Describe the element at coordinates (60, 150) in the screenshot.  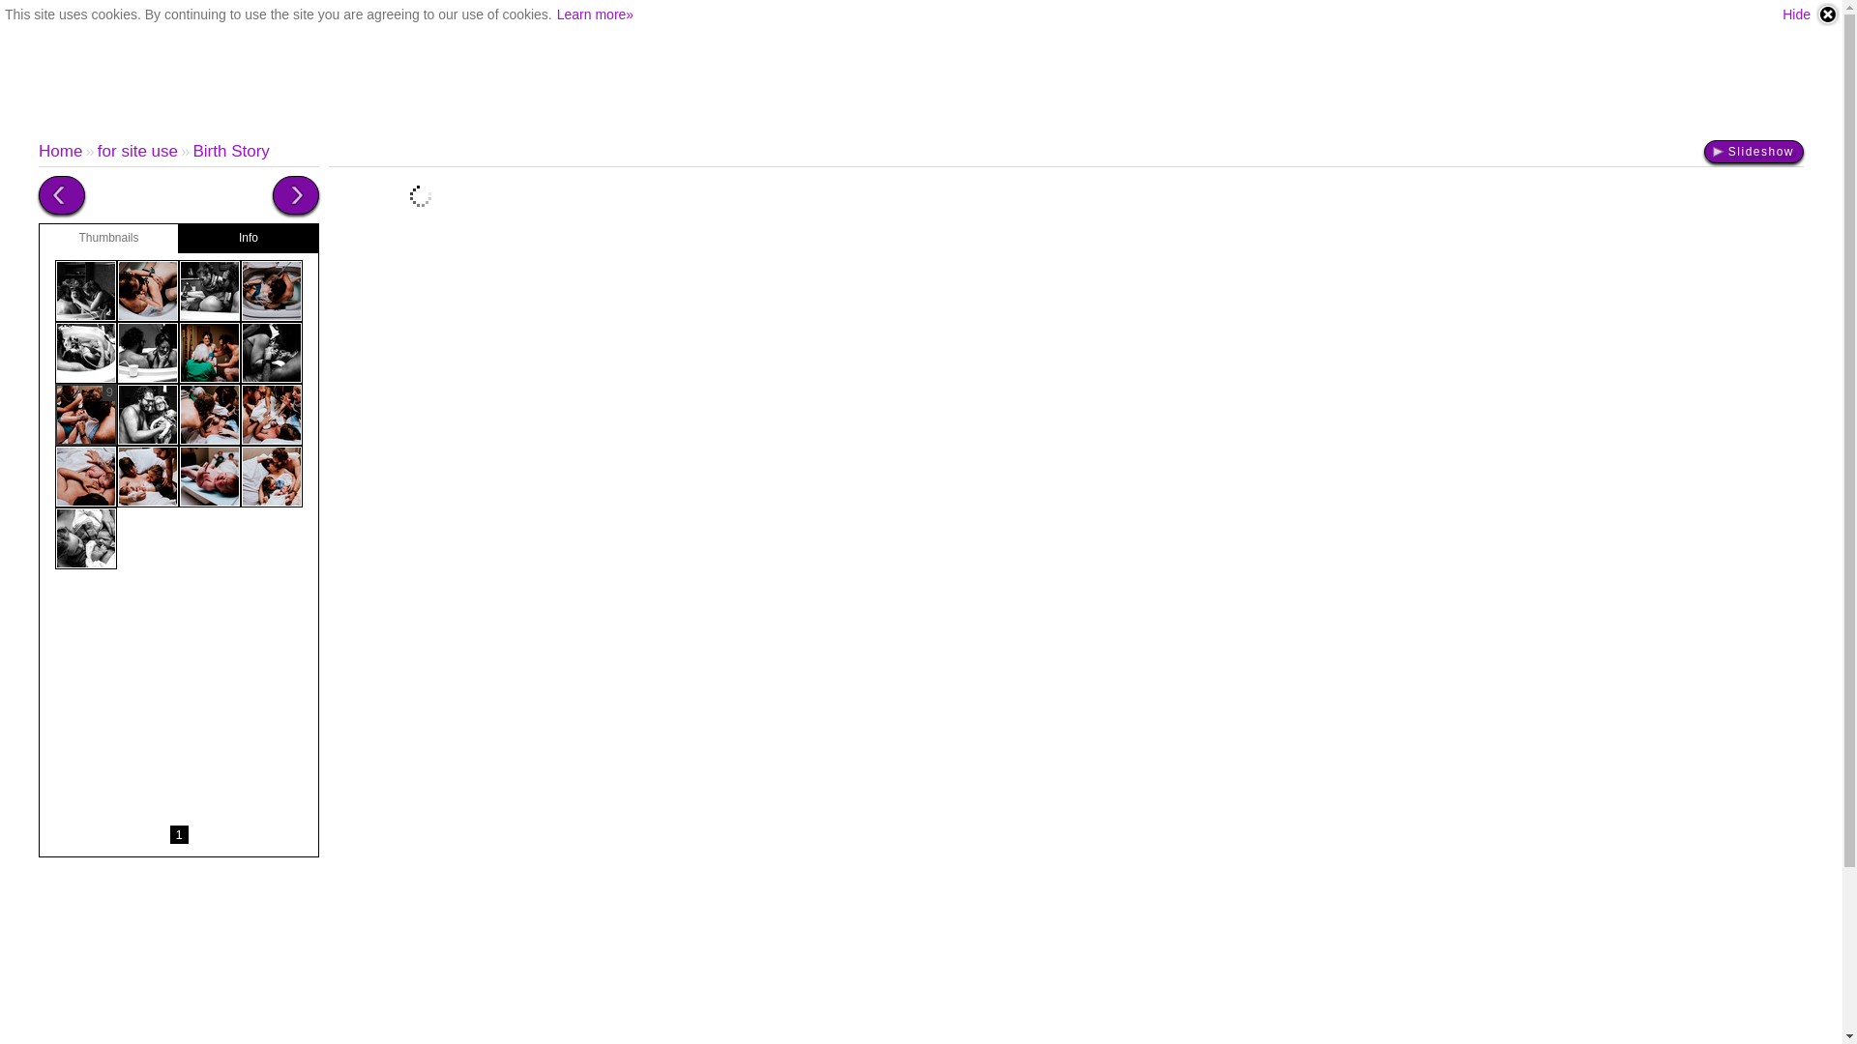
I see `'Home'` at that location.